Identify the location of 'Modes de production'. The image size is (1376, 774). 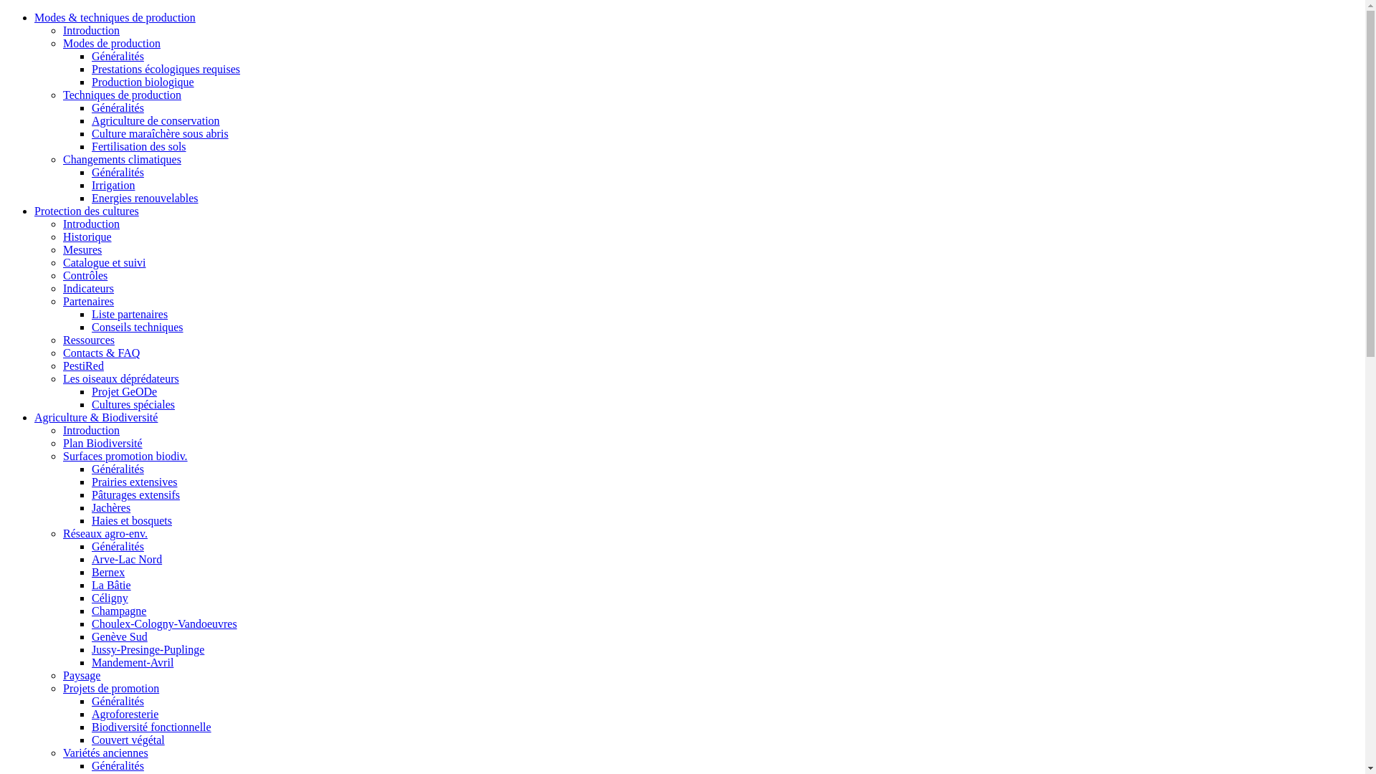
(111, 42).